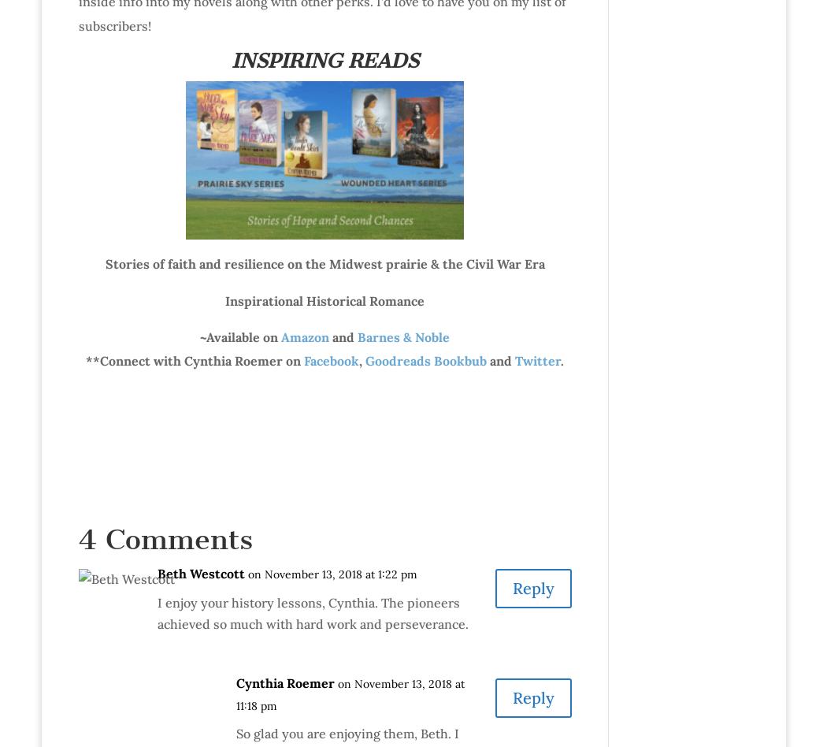 Image resolution: width=827 pixels, height=747 pixels. What do you see at coordinates (485, 264) in the screenshot?
I see `'& the Civil War Era'` at bounding box center [485, 264].